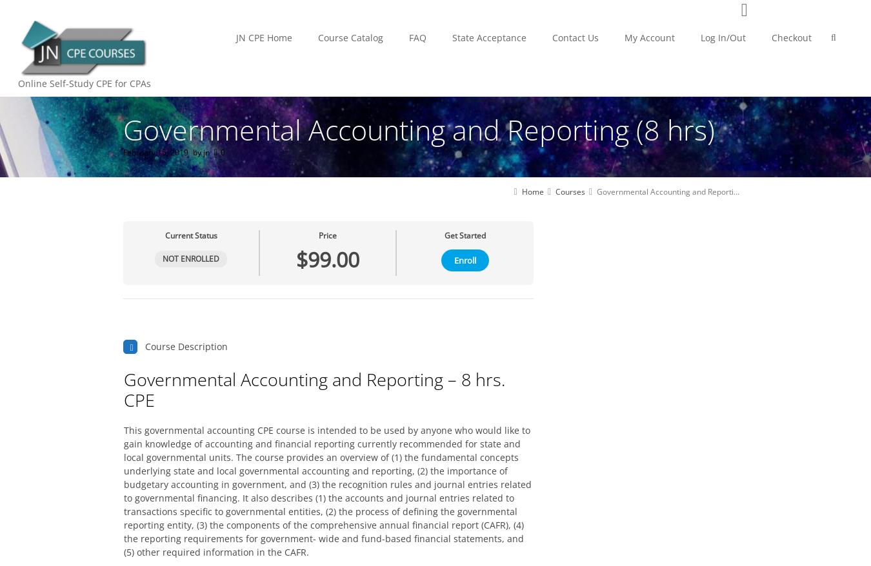  I want to click on 'Get Started', so click(465, 234).